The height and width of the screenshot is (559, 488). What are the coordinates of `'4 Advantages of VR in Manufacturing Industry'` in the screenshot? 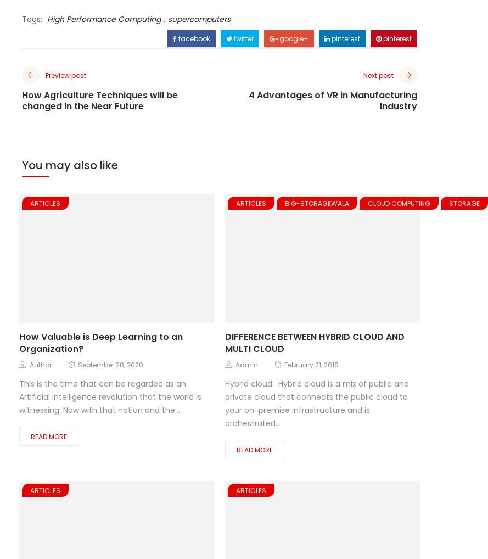 It's located at (332, 100).